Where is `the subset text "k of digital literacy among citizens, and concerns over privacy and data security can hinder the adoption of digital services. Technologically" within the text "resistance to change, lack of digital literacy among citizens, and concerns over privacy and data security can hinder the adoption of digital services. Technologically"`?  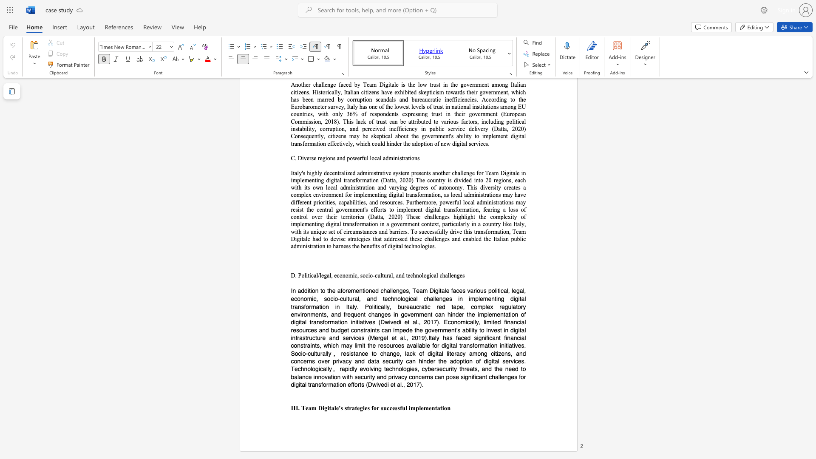
the subset text "k of digital literacy among citizens, and concerns over privacy and data security can hinder the adoption of digital services. Technologically" within the text "resistance to change, lack of digital literacy among citizens, and concerns over privacy and data security can hinder the adoption of digital services. Technologically" is located at coordinates (412, 353).